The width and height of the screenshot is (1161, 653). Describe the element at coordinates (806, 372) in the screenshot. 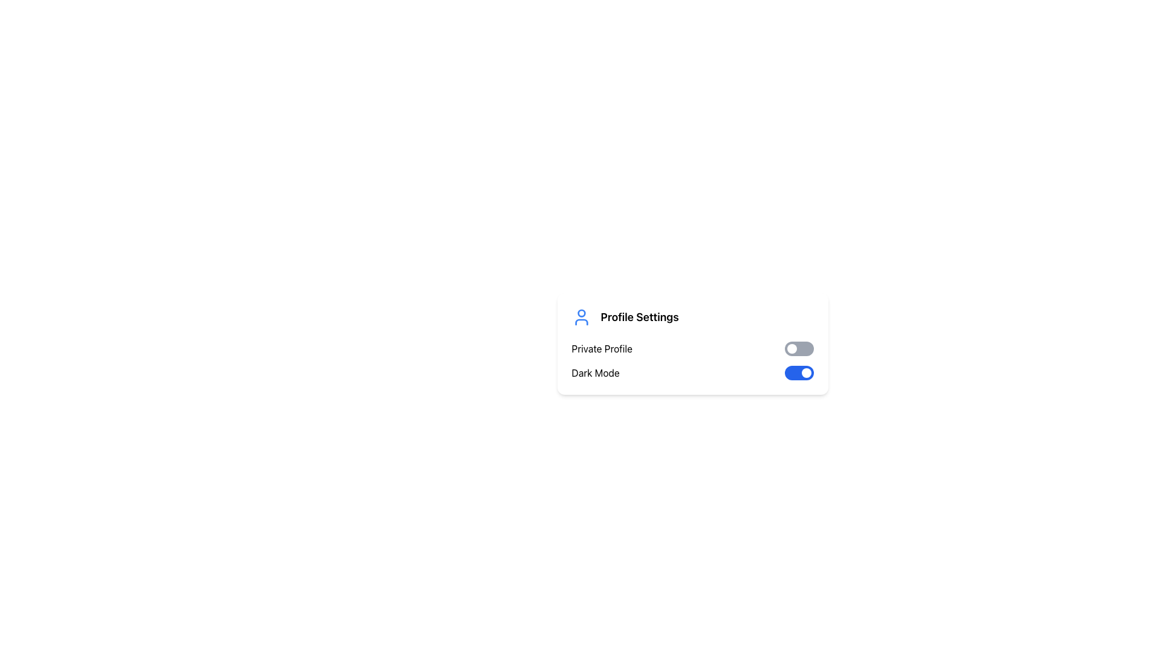

I see `the toggle indicator` at that location.